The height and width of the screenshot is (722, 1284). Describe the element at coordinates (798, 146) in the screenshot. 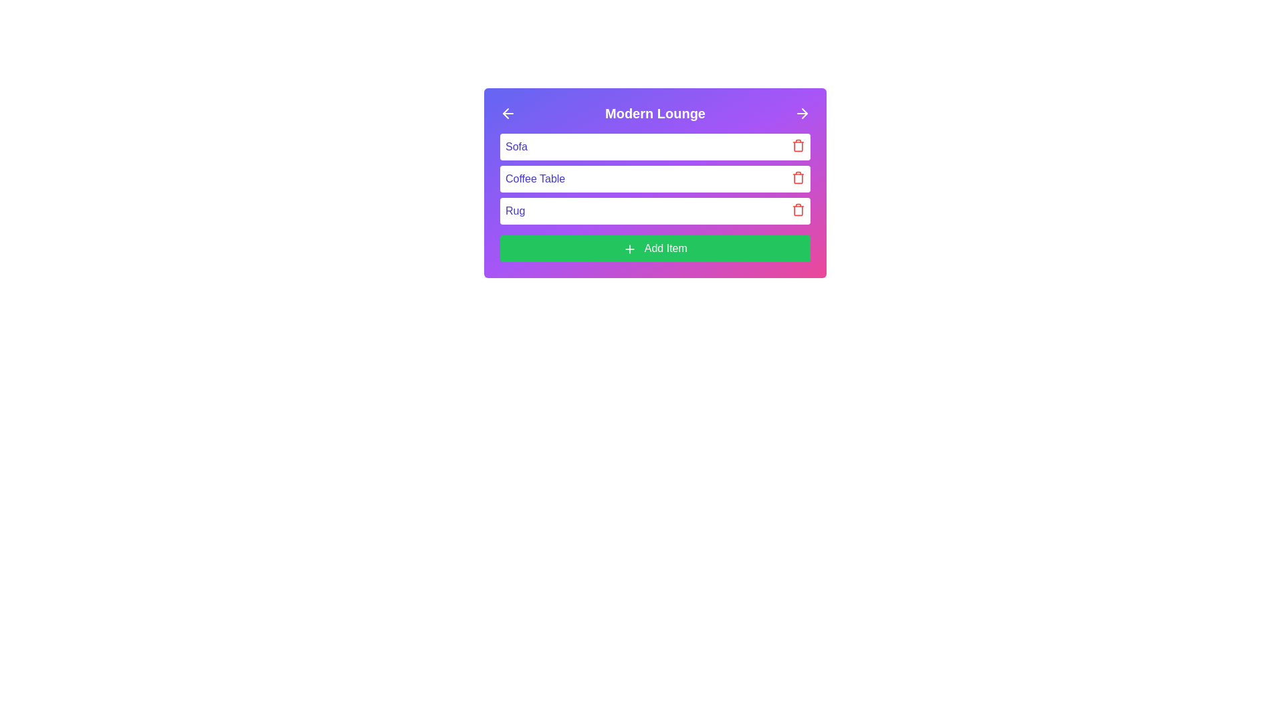

I see `the delete icon button for the item labeled 'Sofa'` at that location.